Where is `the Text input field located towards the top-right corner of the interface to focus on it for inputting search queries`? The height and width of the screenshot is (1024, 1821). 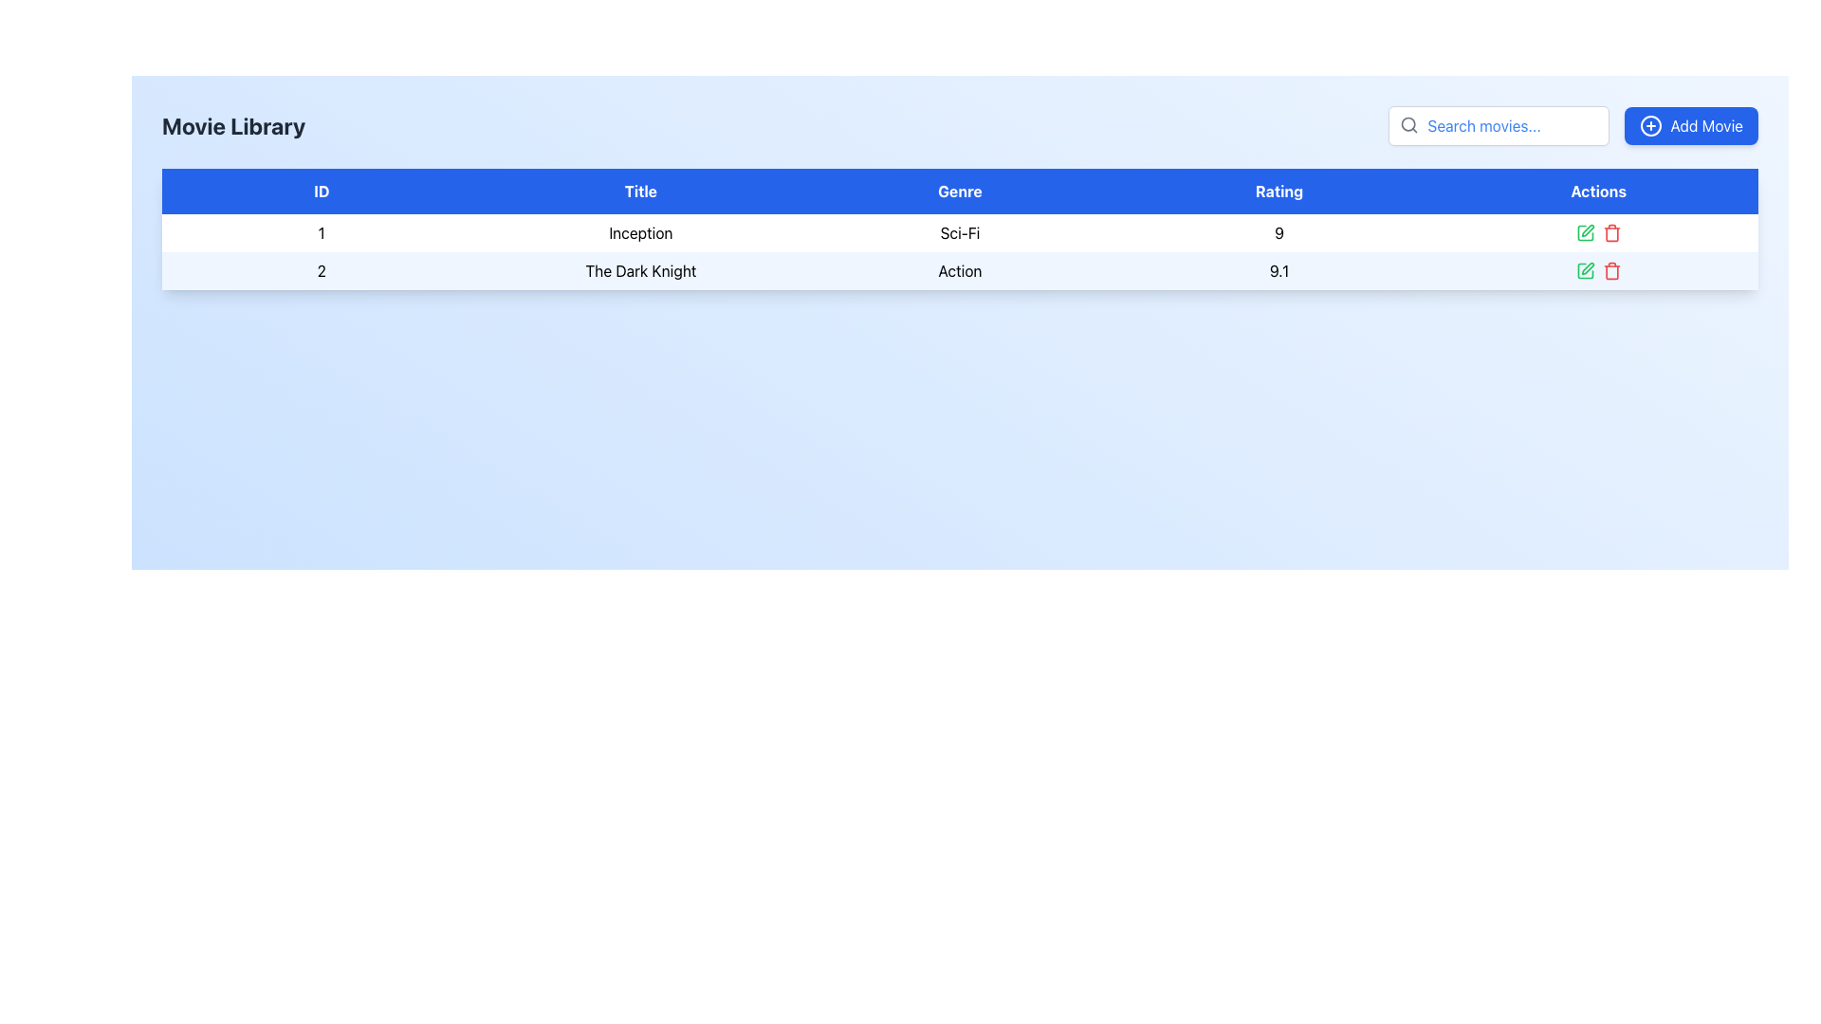 the Text input field located towards the top-right corner of the interface to focus on it for inputting search queries is located at coordinates (1498, 125).